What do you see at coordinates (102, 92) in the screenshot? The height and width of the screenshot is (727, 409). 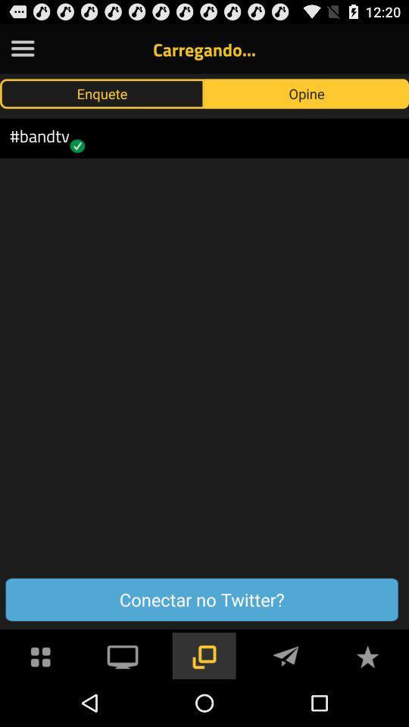 I see `app above #bandtv` at bounding box center [102, 92].